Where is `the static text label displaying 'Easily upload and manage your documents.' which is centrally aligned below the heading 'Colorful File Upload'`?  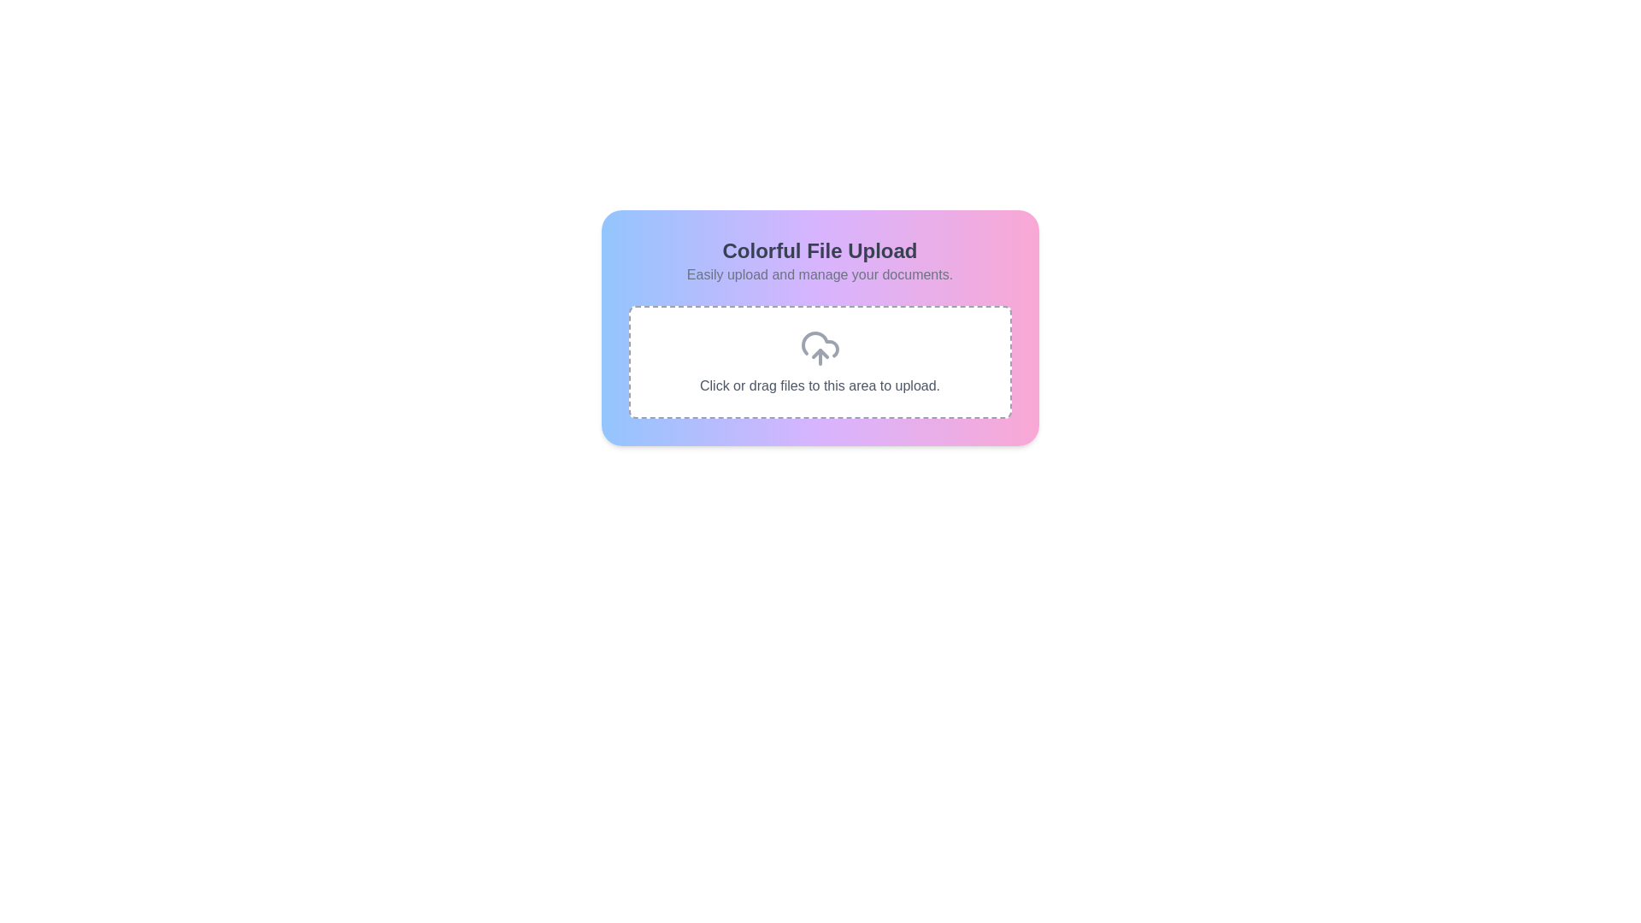 the static text label displaying 'Easily upload and manage your documents.' which is centrally aligned below the heading 'Colorful File Upload' is located at coordinates (819, 273).